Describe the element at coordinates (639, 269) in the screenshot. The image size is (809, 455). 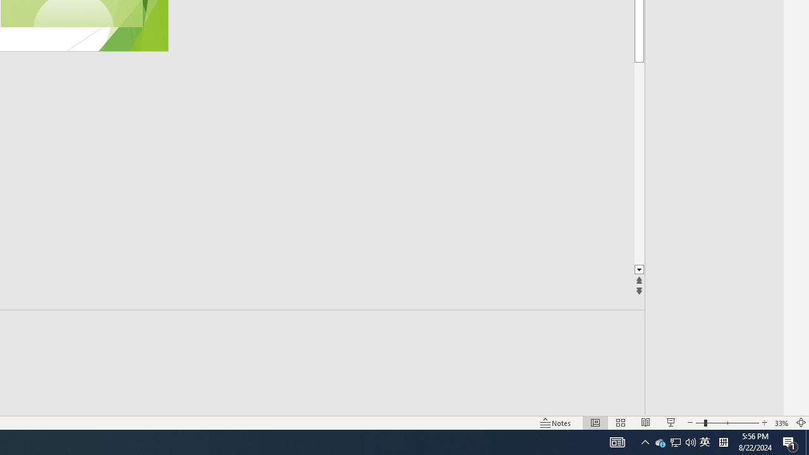
I see `'Line down'` at that location.